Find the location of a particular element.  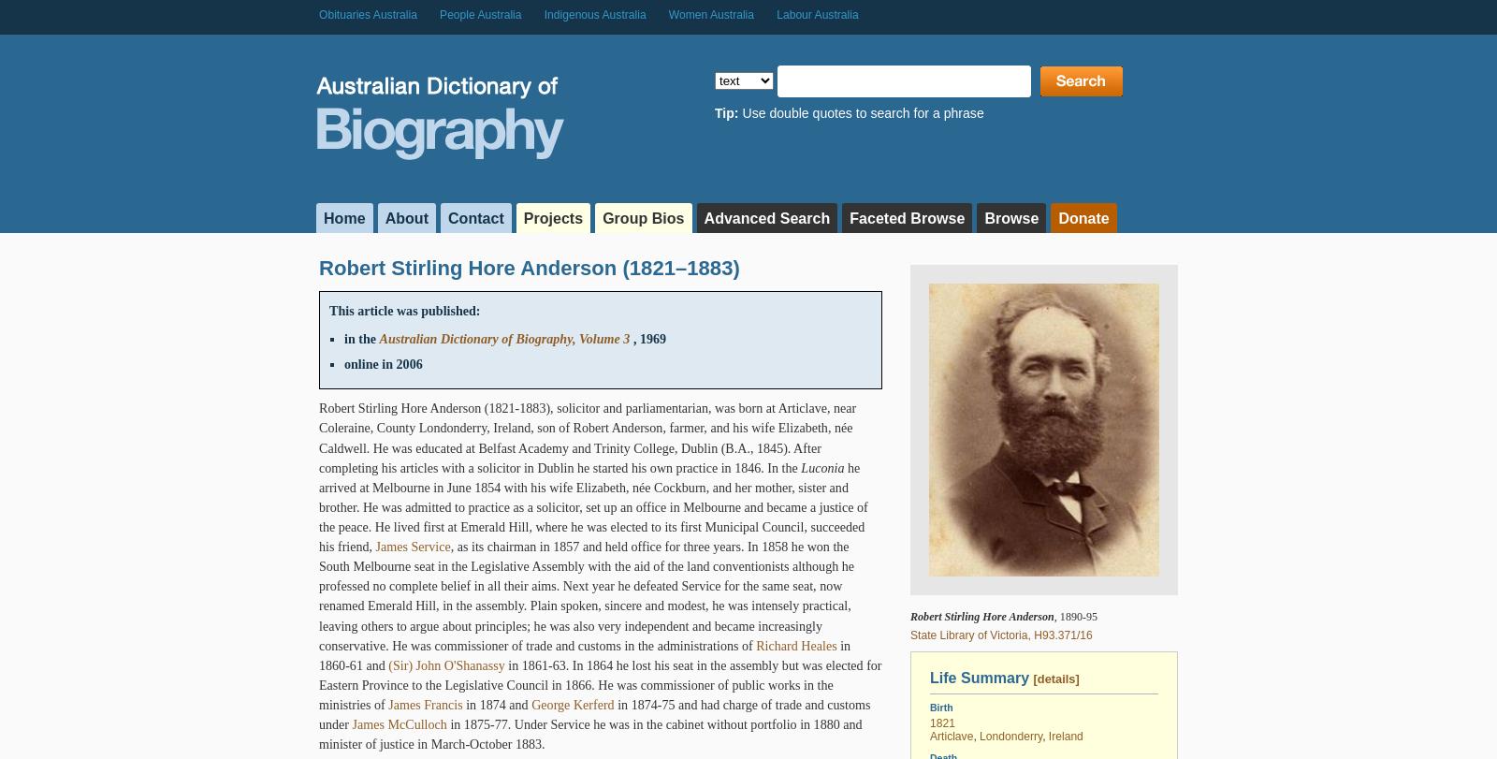

'Birth' is located at coordinates (940, 705).